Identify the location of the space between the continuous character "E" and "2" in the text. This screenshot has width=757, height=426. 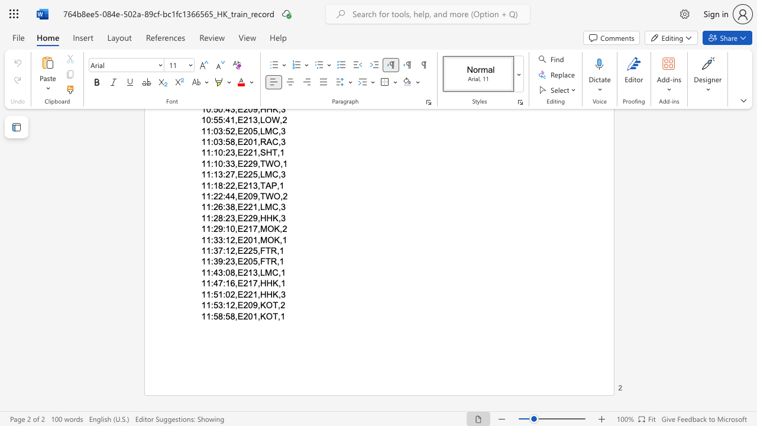
(242, 283).